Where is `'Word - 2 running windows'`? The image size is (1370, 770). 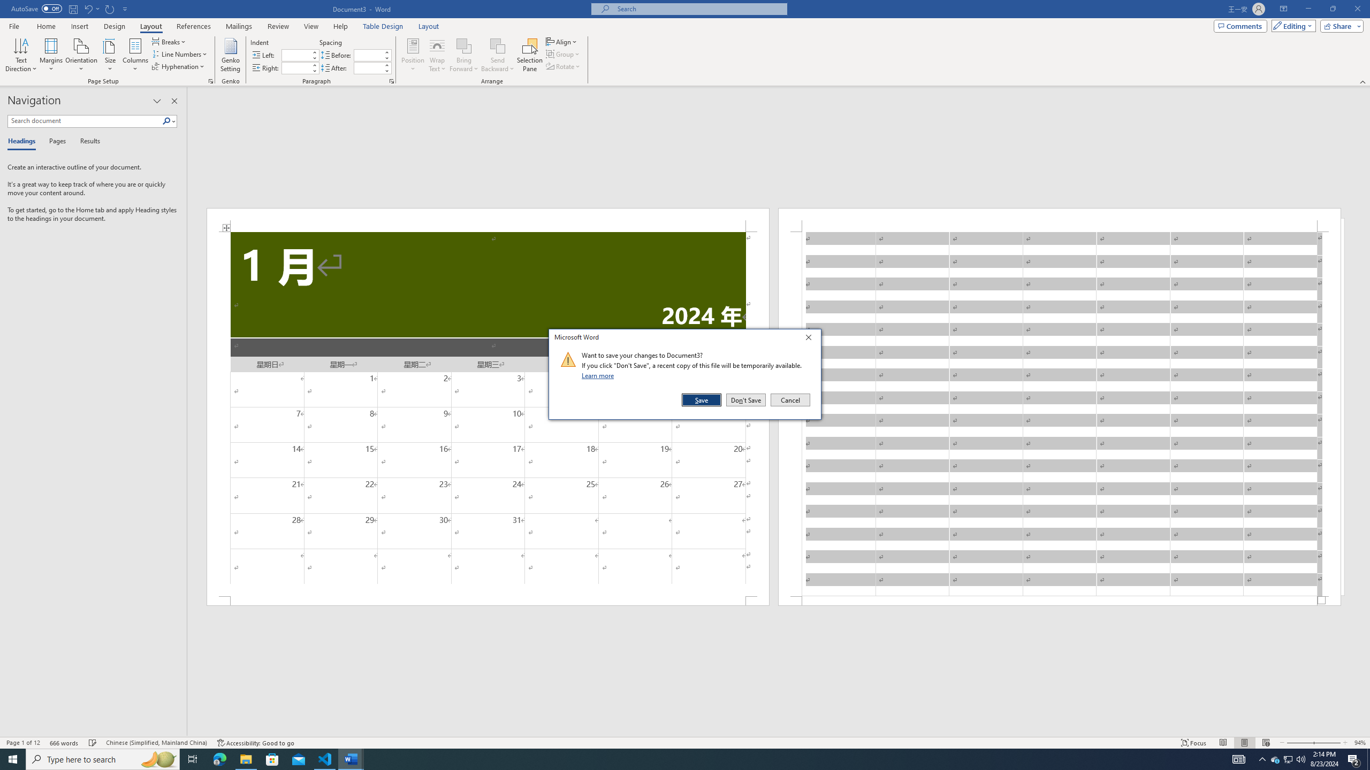 'Word - 2 running windows' is located at coordinates (351, 758).